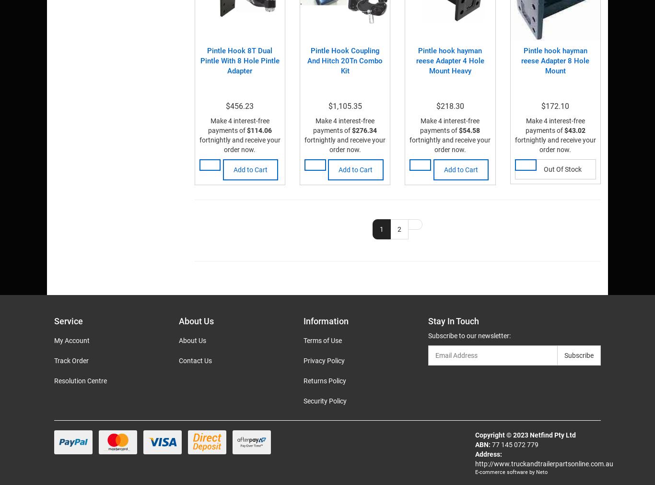  Describe the element at coordinates (345, 106) in the screenshot. I see `'$1,105.35'` at that location.